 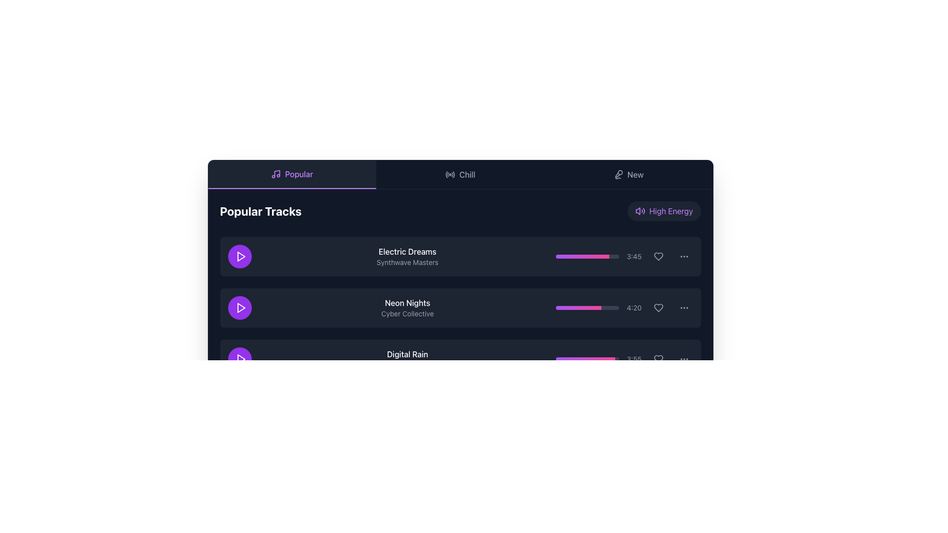 I want to click on the Category label located at the top-right corner of the interface, right of the 'Popular Tracks' heading, which indicates sound or energy-related content, so click(x=664, y=211).